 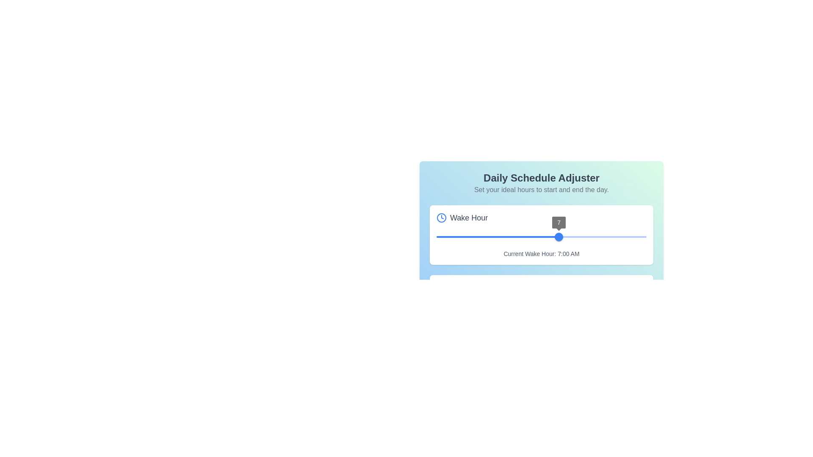 I want to click on numeric value '7' displayed in the small circular label above the slider widget in the 'Wake Hour' section of the 'Daily Schedule Adjuster', so click(x=559, y=222).